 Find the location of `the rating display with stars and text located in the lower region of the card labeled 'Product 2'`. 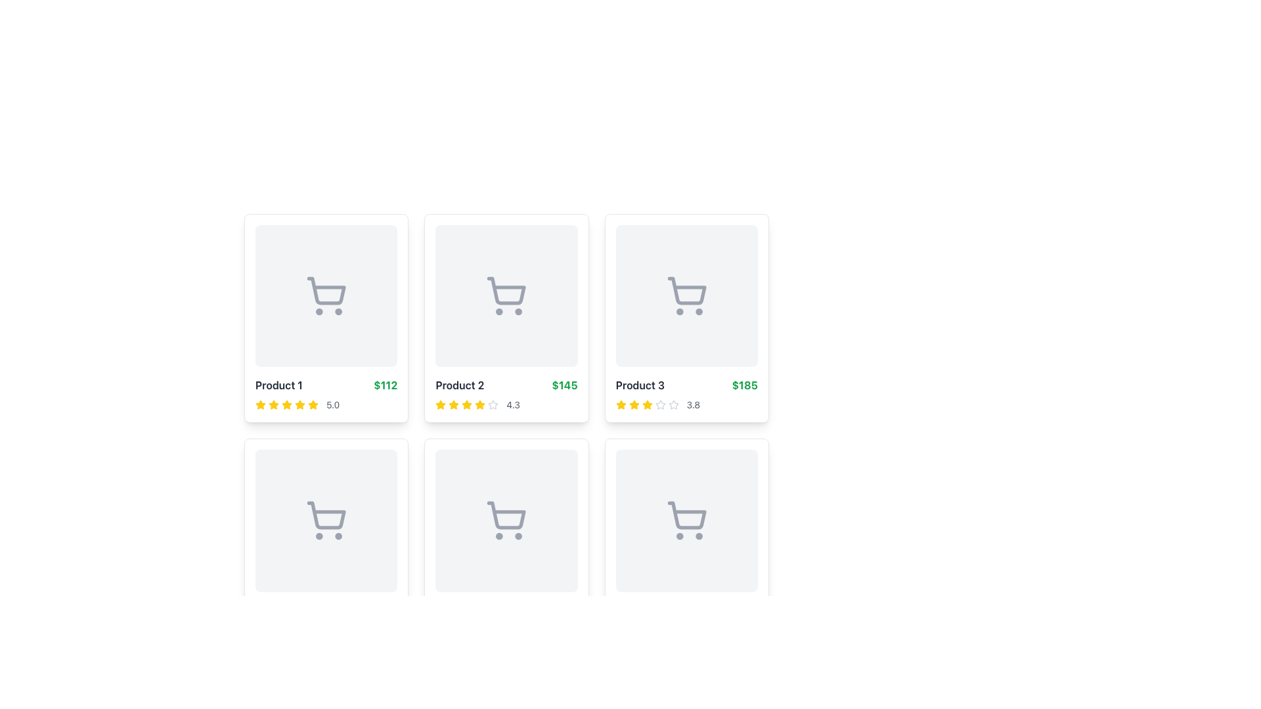

the rating display with stars and text located in the lower region of the card labeled 'Product 2' is located at coordinates (506, 404).